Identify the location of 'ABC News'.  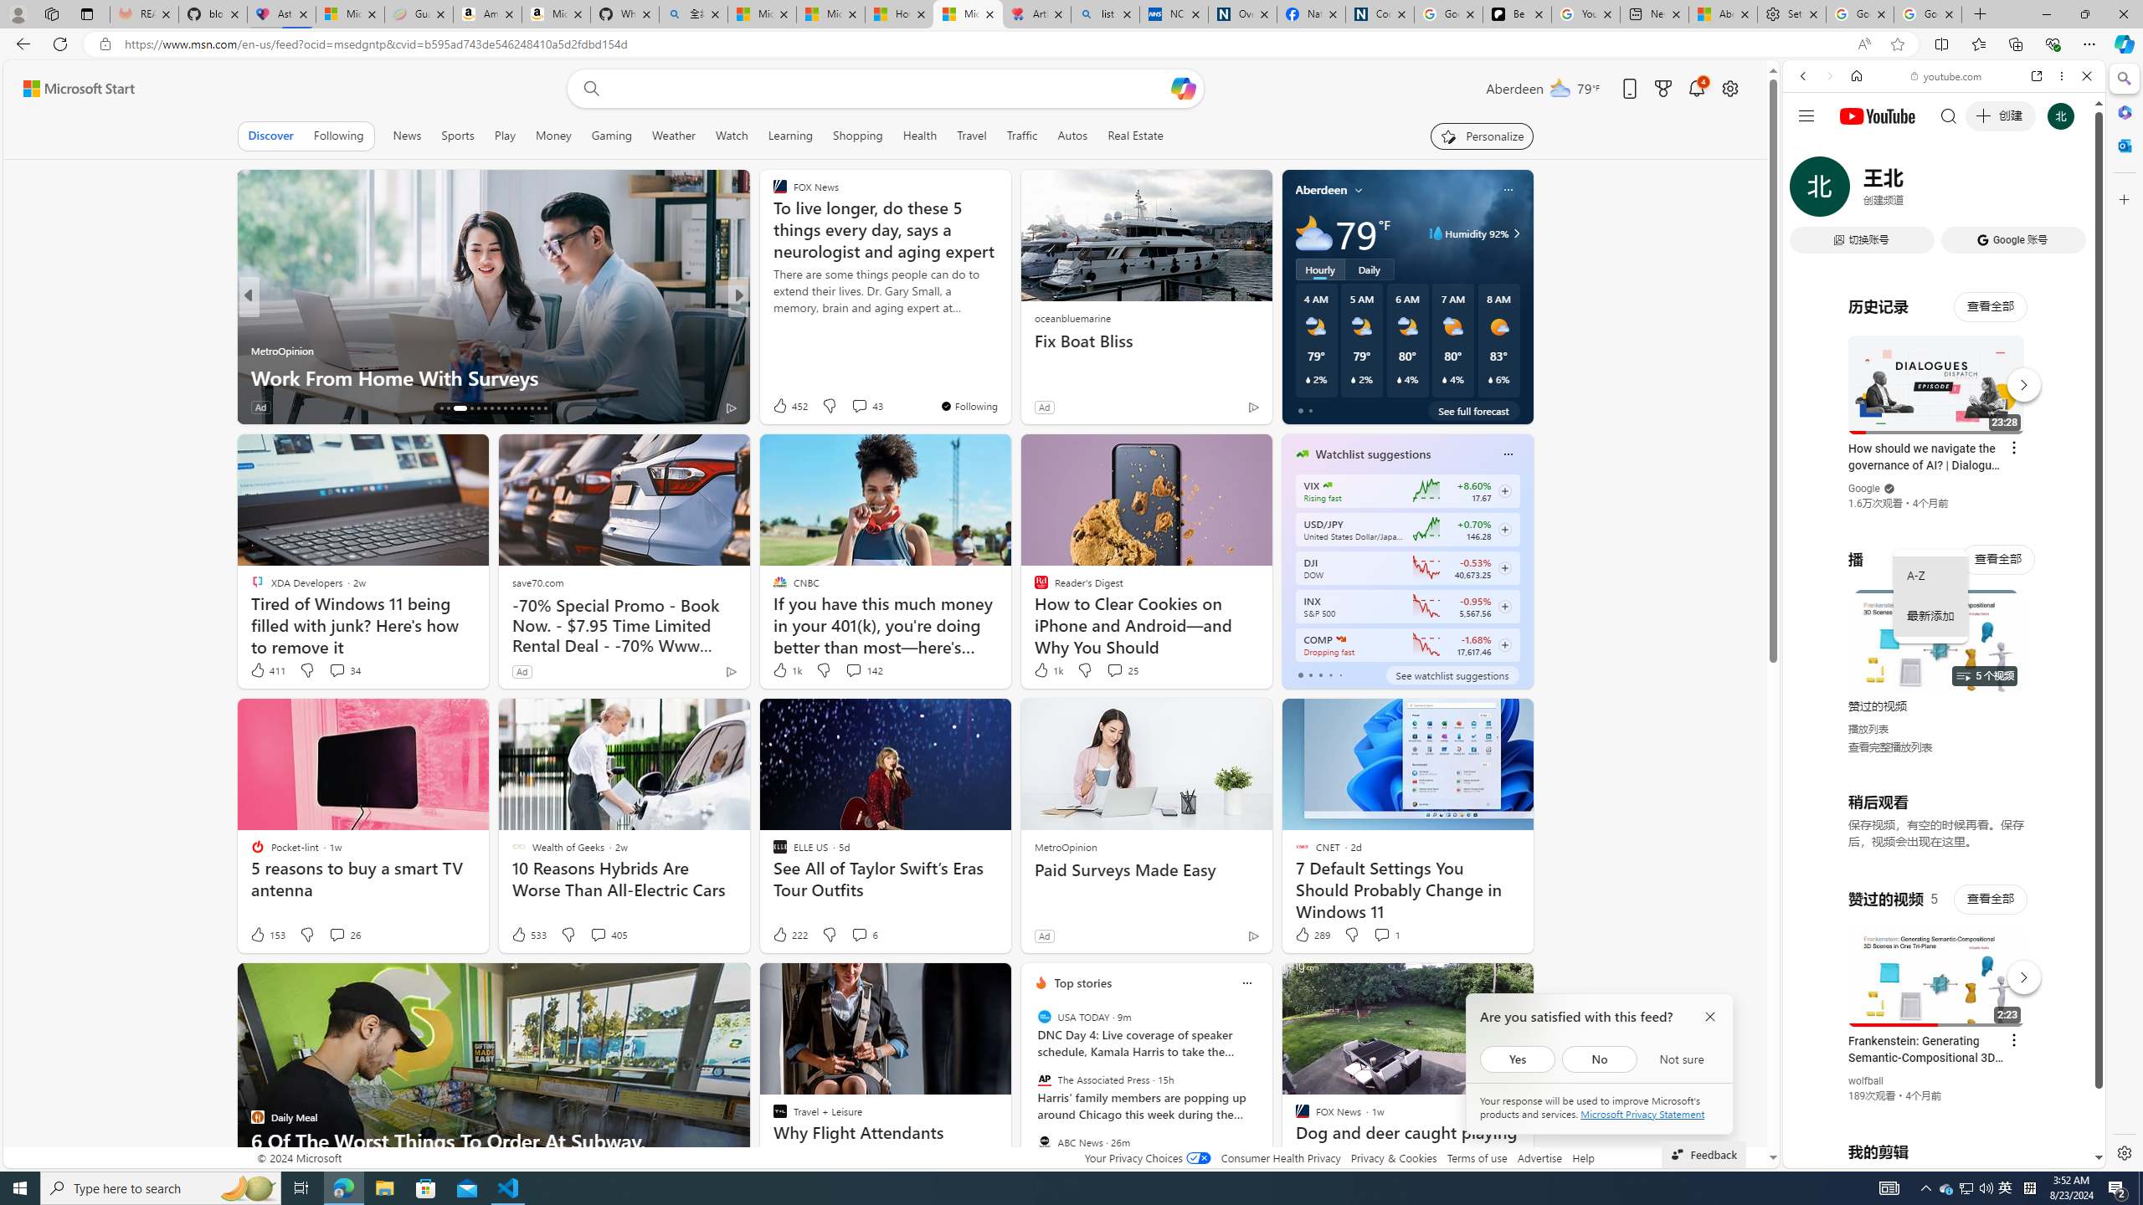
(1044, 1141).